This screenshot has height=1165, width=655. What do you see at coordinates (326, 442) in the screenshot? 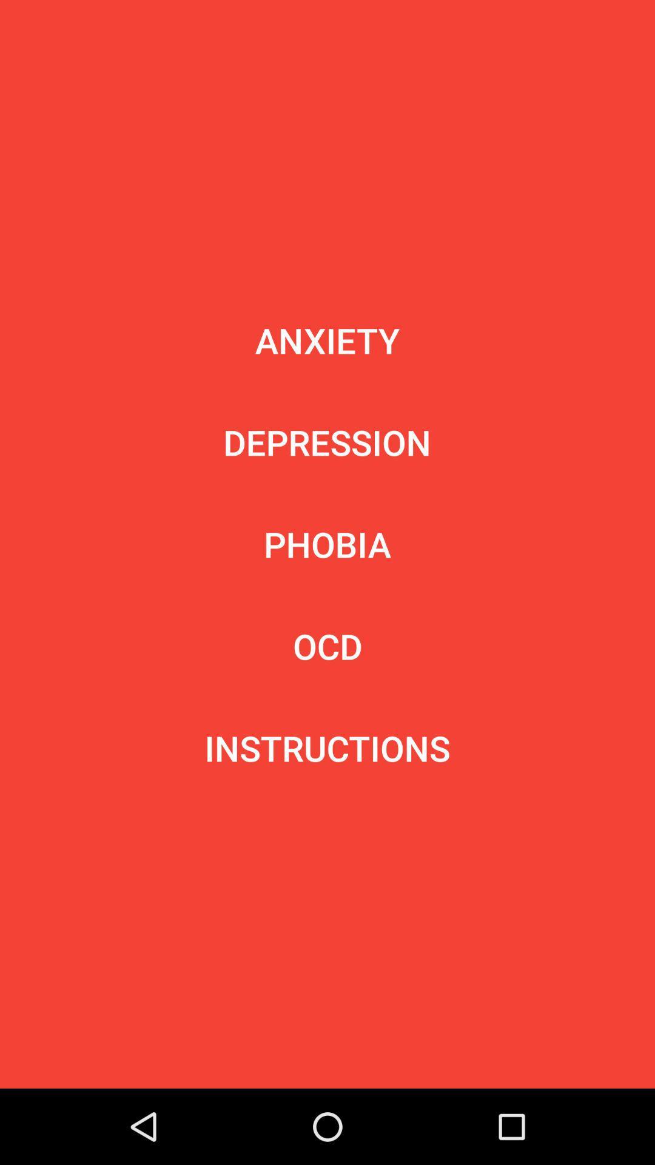
I see `depression icon` at bounding box center [326, 442].